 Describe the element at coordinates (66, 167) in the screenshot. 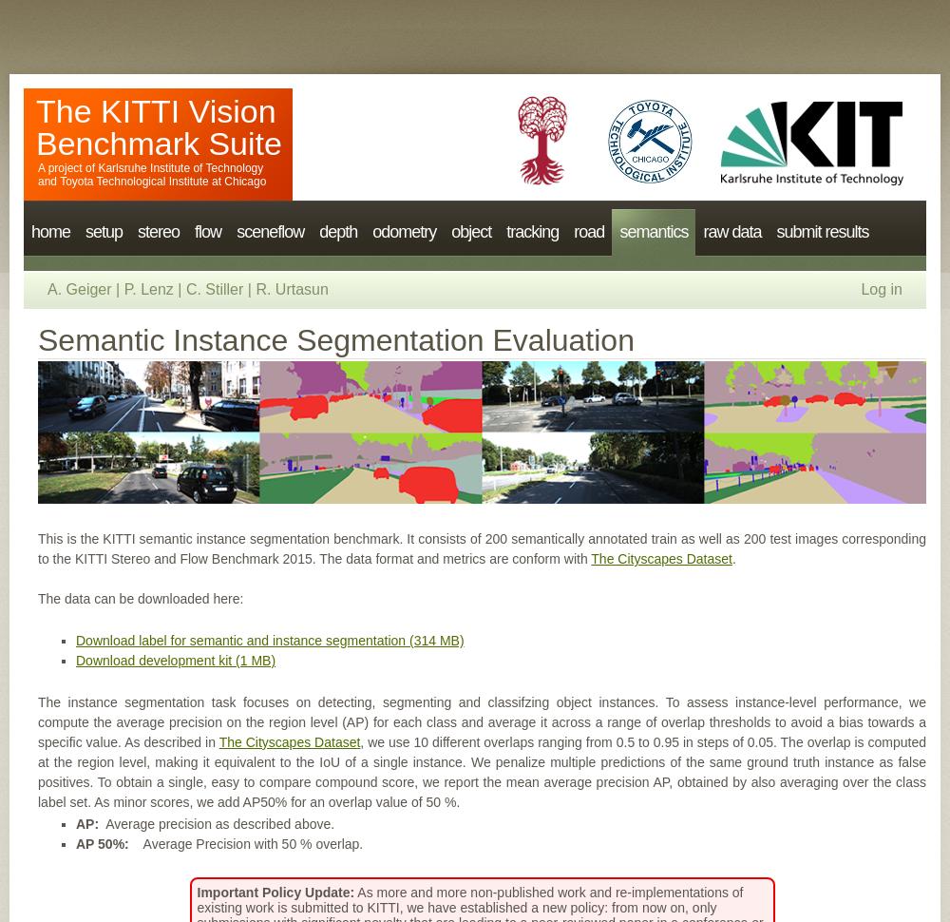

I see `'A project of'` at that location.